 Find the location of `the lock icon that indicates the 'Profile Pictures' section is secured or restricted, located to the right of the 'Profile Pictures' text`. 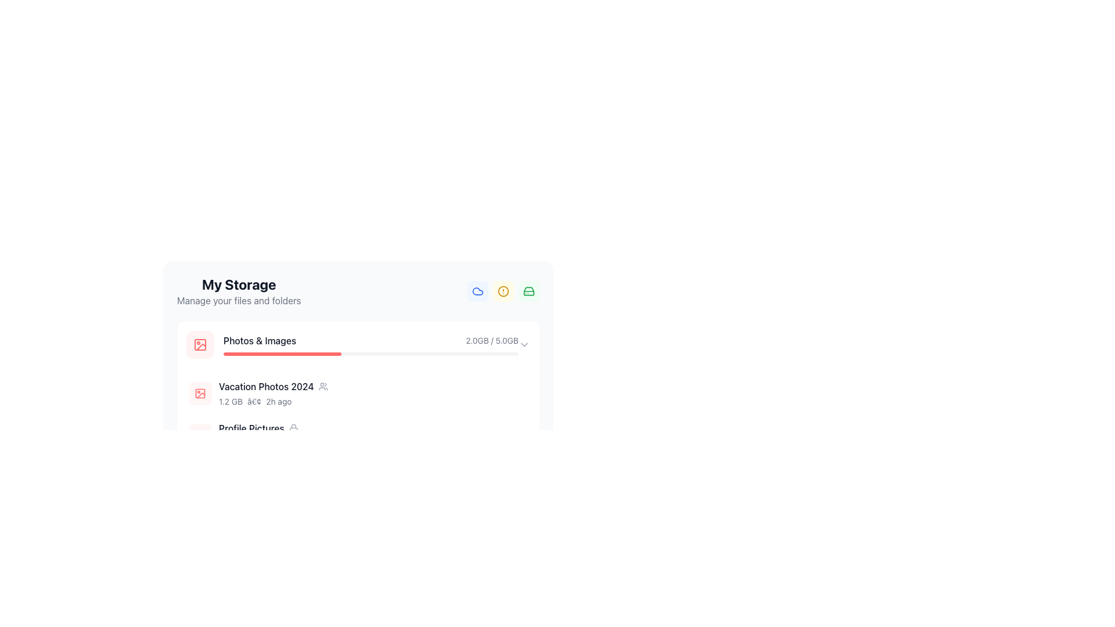

the lock icon that indicates the 'Profile Pictures' section is secured or restricted, located to the right of the 'Profile Pictures' text is located at coordinates (293, 428).